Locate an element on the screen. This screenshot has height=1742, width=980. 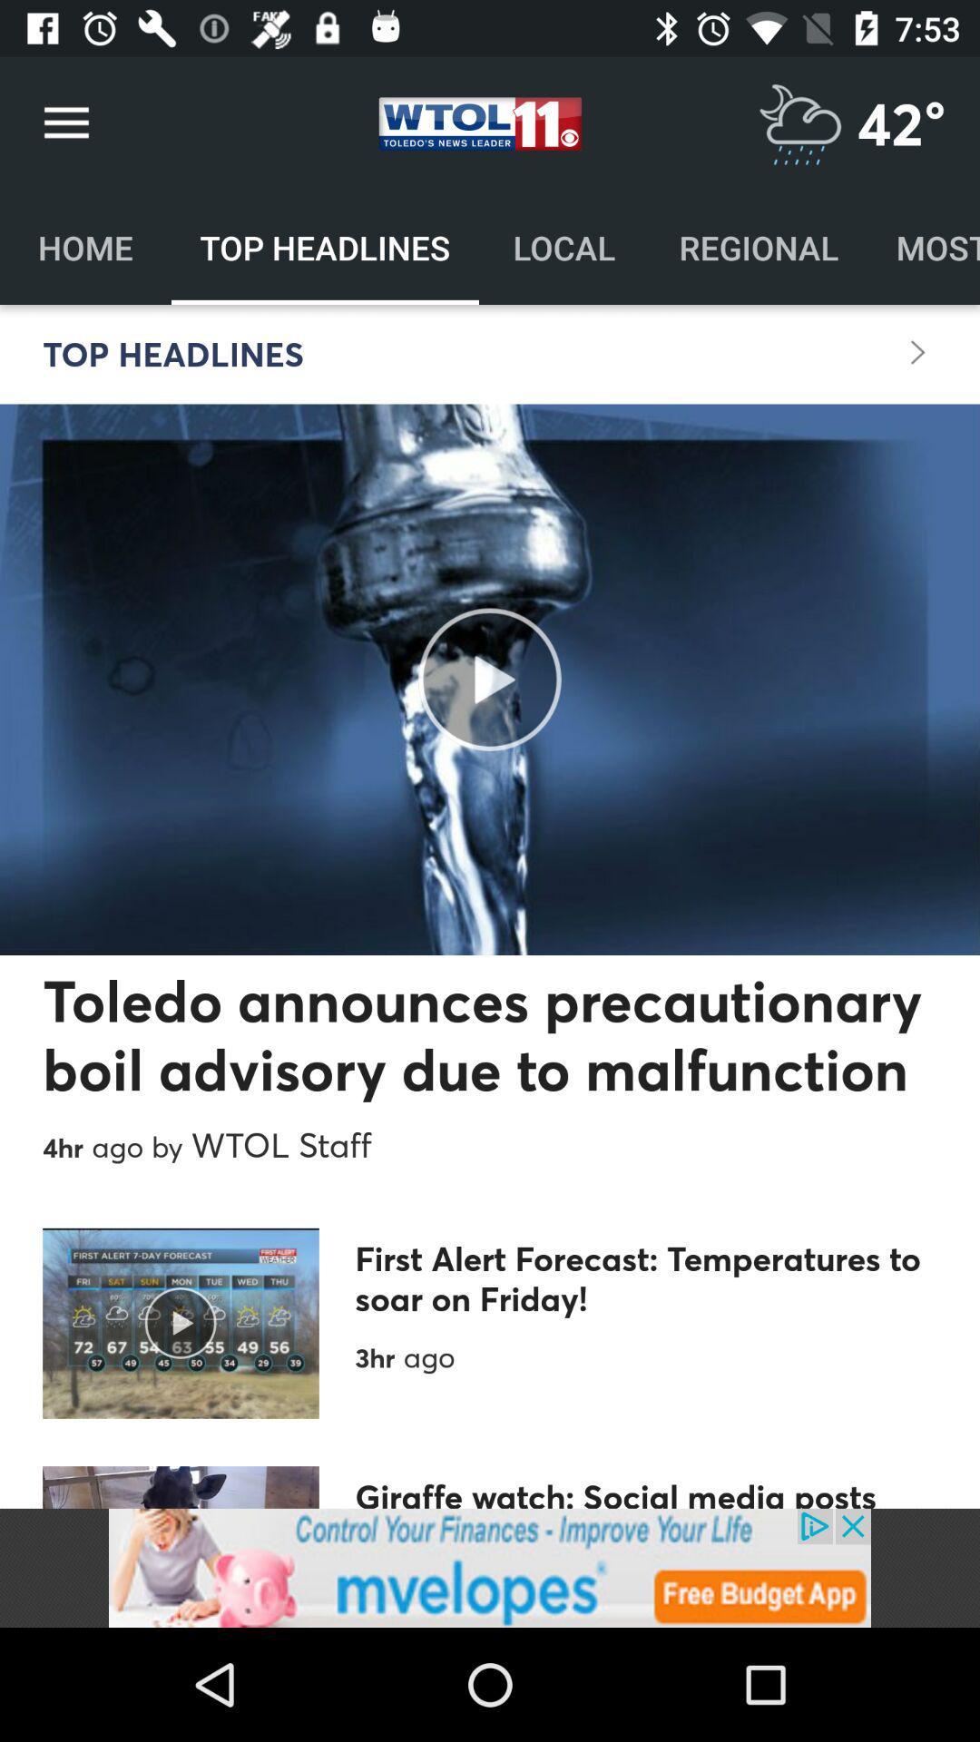
see the weather is located at coordinates (799, 122).